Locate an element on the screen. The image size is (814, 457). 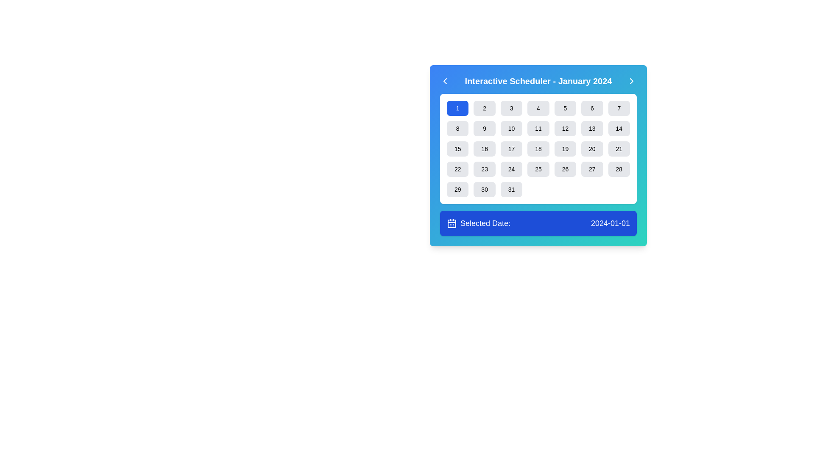
the rectangular shape with rounded corners in the calendar SVG icon, located to the left of the 'Selected Date' text in the footer area is located at coordinates (451, 223).